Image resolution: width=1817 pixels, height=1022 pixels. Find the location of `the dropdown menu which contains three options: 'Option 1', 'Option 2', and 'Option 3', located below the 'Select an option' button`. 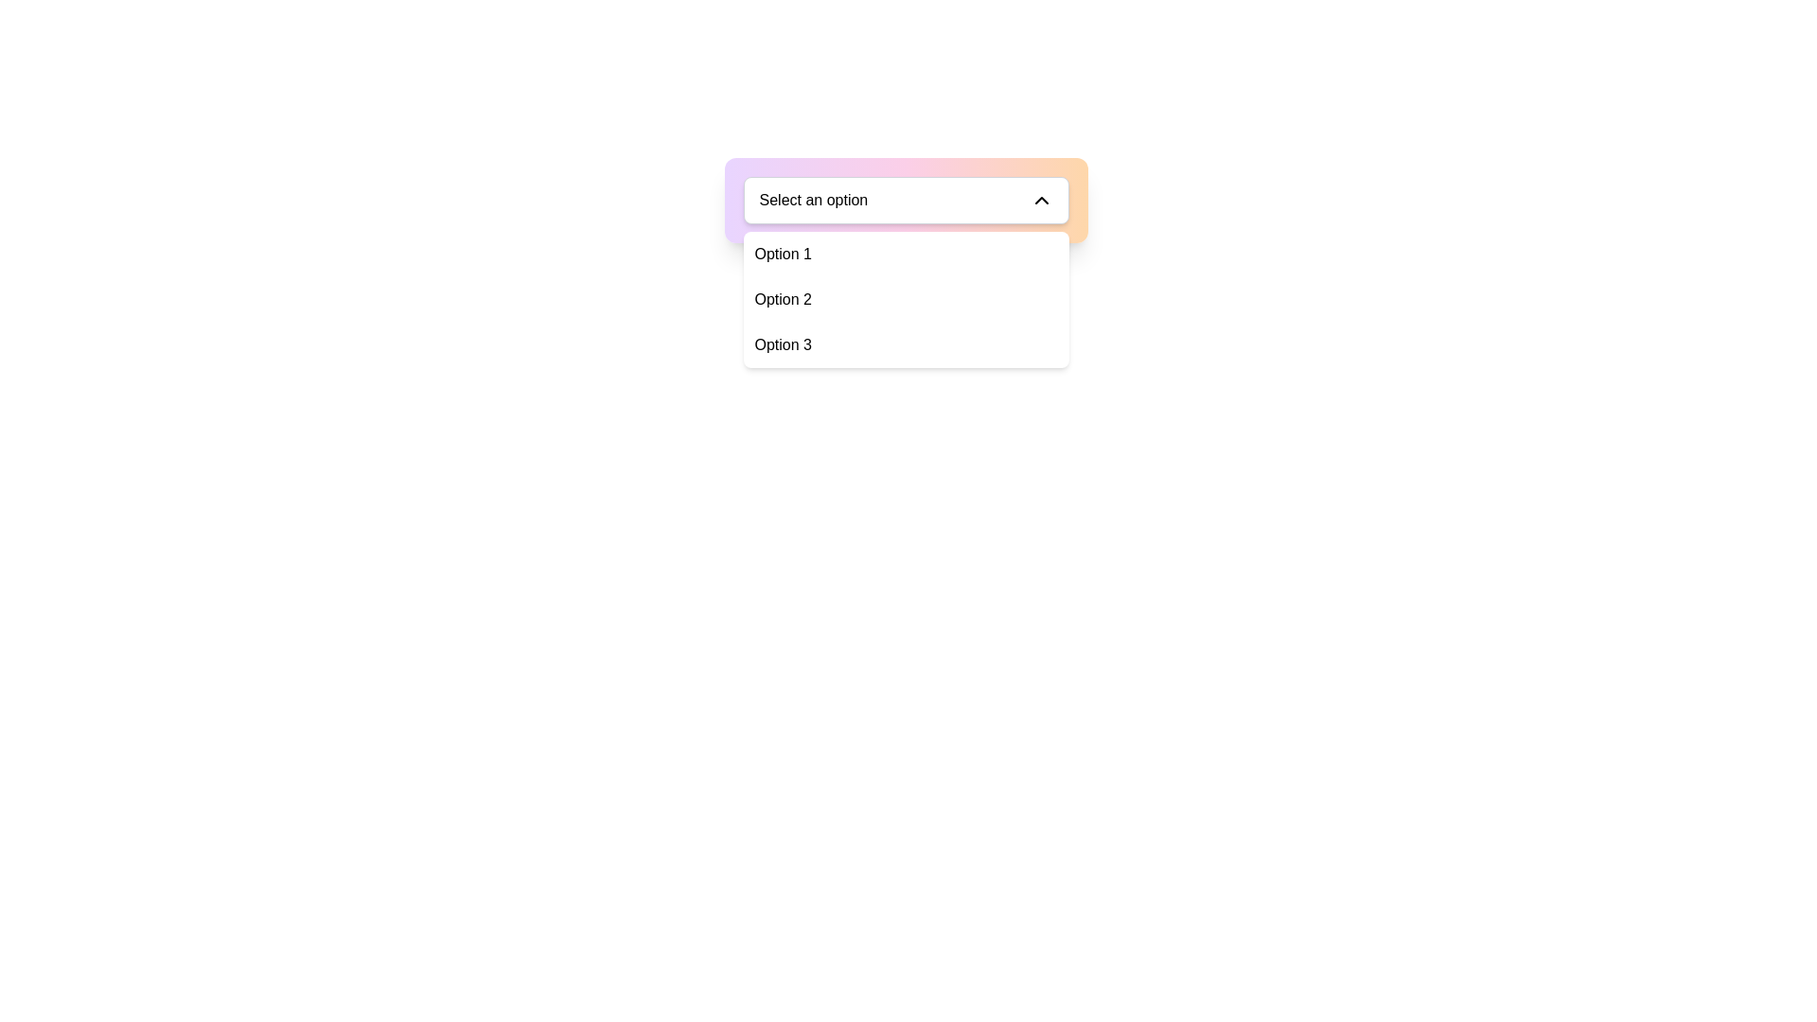

the dropdown menu which contains three options: 'Option 1', 'Option 2', and 'Option 3', located below the 'Select an option' button is located at coordinates (905, 298).